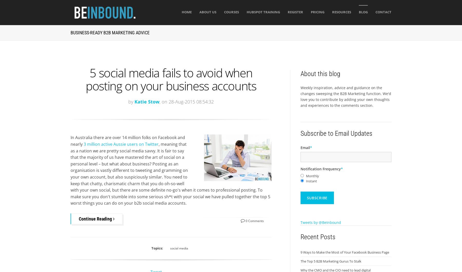 Image resolution: width=462 pixels, height=272 pixels. What do you see at coordinates (320, 74) in the screenshot?
I see `'About this blog'` at bounding box center [320, 74].